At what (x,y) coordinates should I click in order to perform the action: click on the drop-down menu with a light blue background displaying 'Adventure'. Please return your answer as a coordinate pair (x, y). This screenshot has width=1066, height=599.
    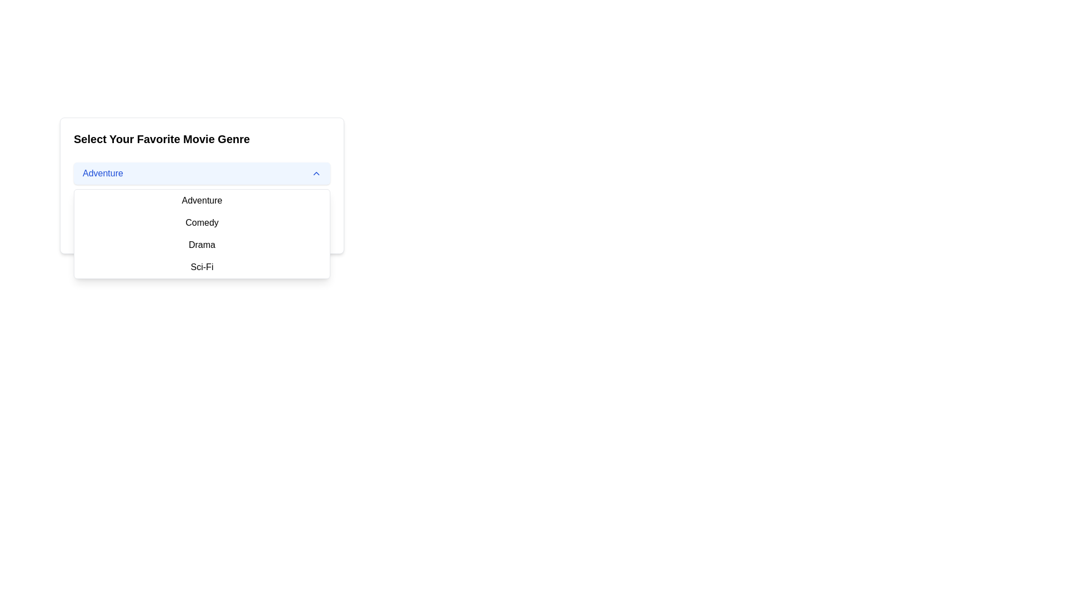
    Looking at the image, I should click on (202, 173).